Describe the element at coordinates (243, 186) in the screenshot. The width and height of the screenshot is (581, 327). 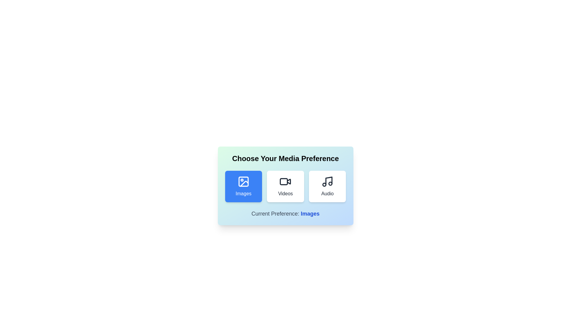
I see `the media preference Images by clicking on the corresponding button` at that location.